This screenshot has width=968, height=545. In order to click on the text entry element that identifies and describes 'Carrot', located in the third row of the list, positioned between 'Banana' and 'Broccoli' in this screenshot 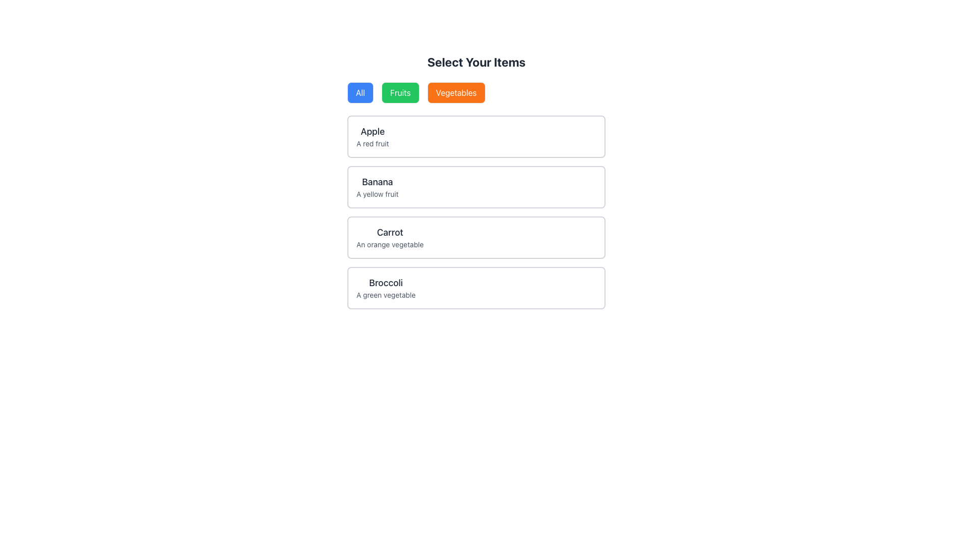, I will do `click(389, 237)`.